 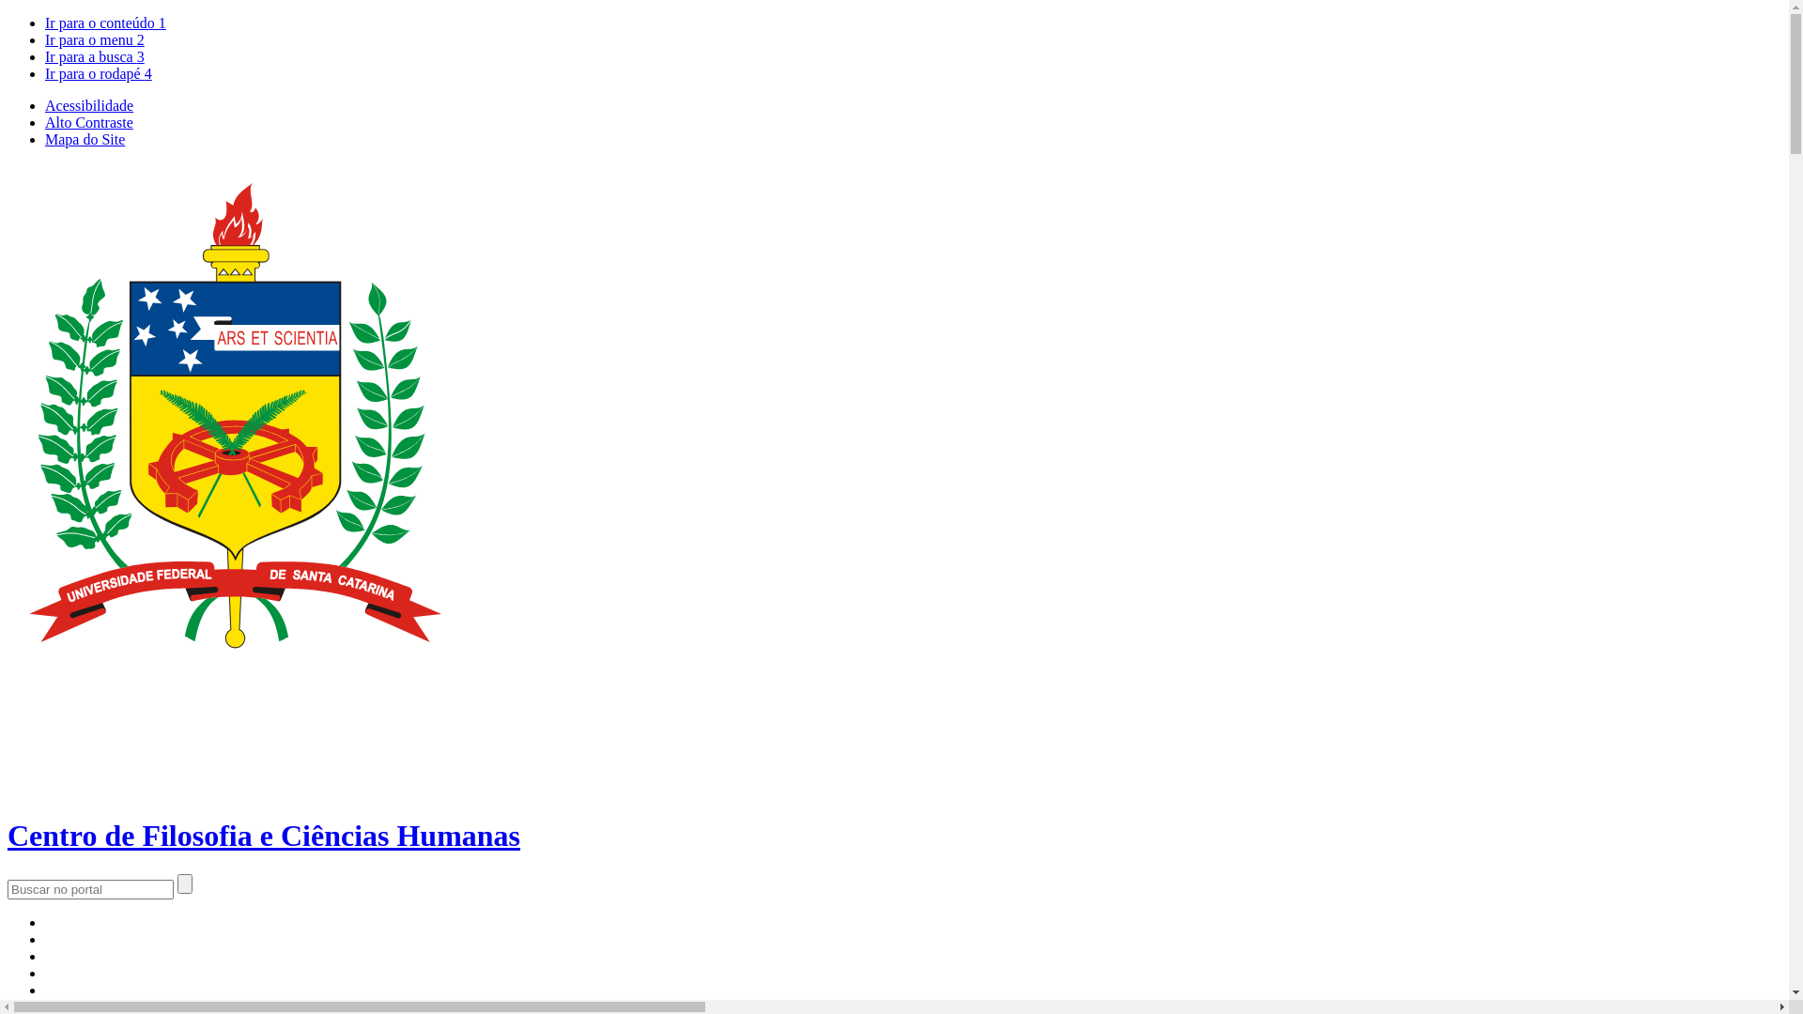 What do you see at coordinates (88, 105) in the screenshot?
I see `'Acessibilidade'` at bounding box center [88, 105].